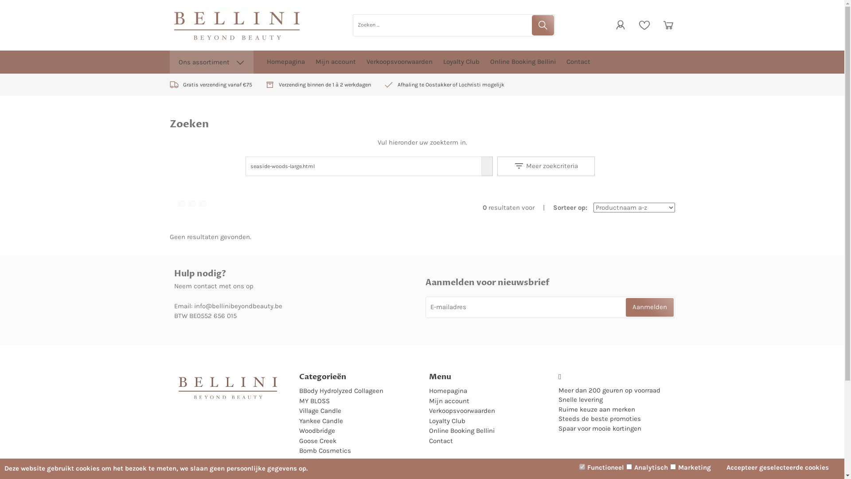  I want to click on 'BBody Hydrolyzed Collageen', so click(340, 390).